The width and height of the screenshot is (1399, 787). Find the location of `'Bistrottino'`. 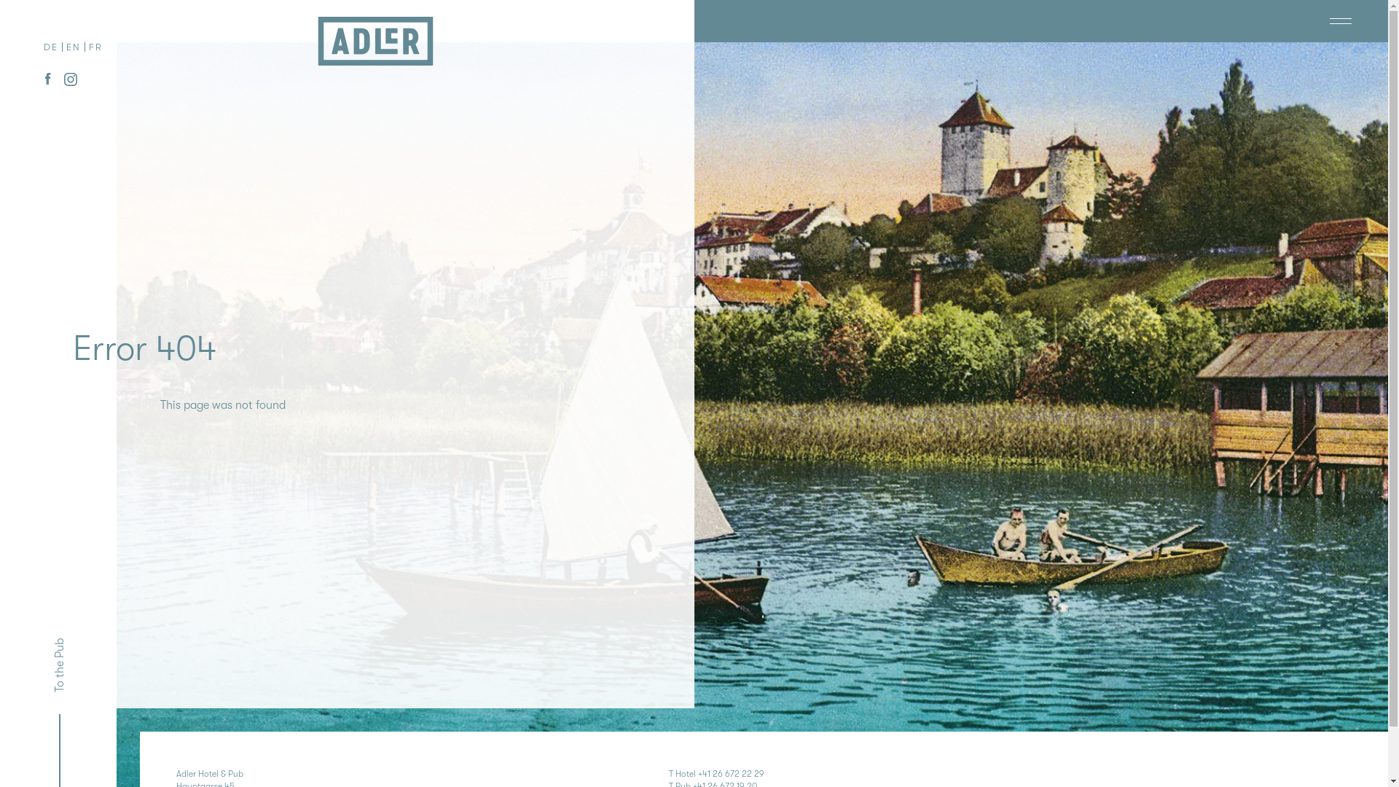

'Bistrottino' is located at coordinates (1350, 21).